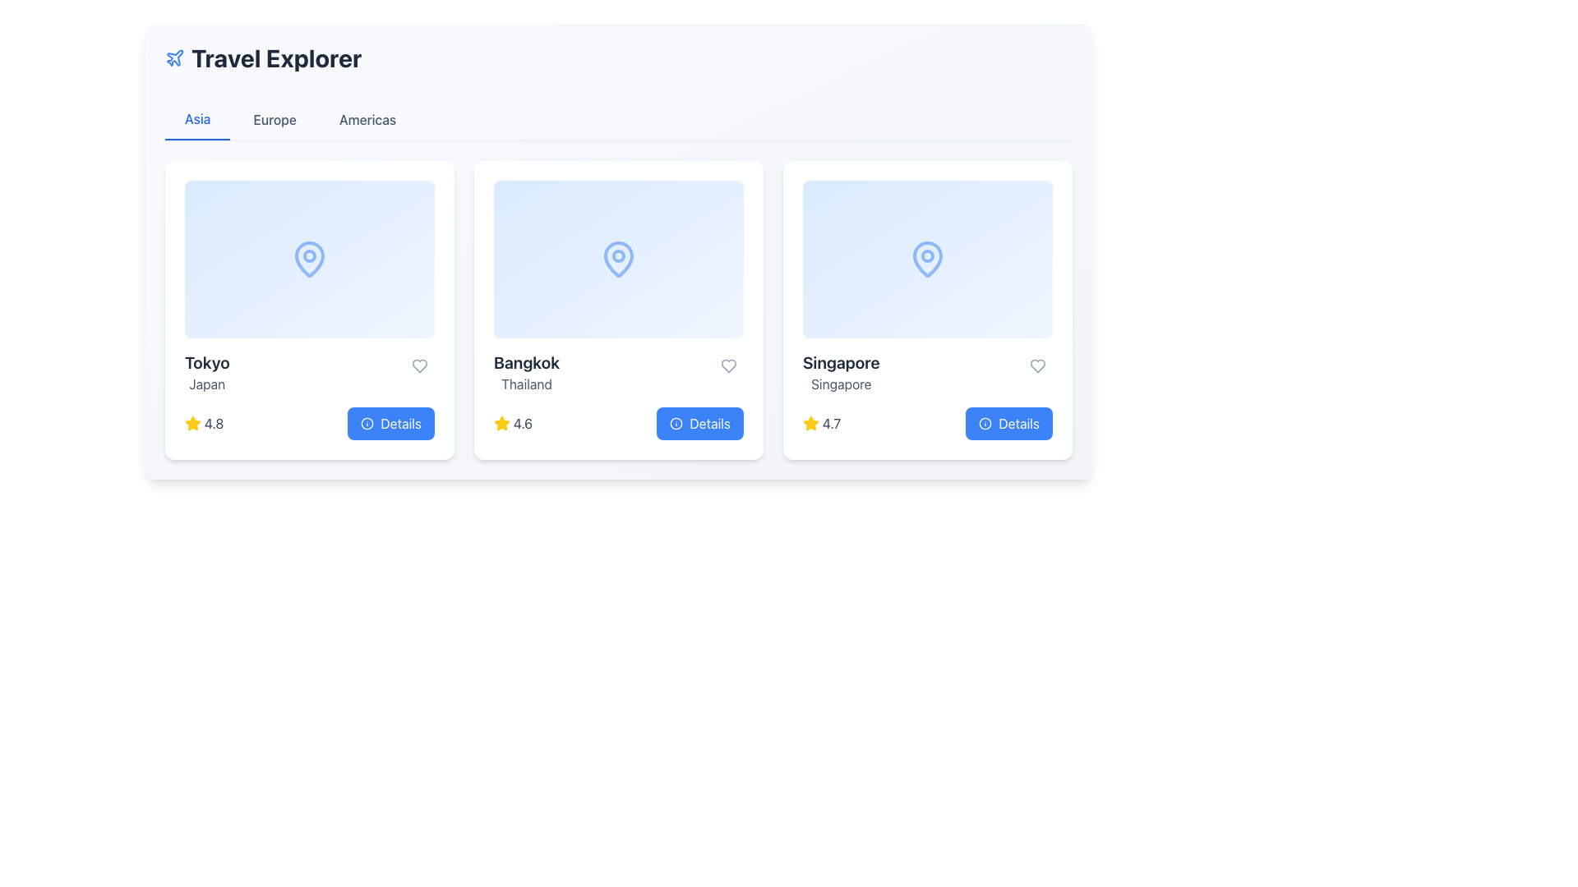 This screenshot has width=1578, height=887. Describe the element at coordinates (700, 423) in the screenshot. I see `the button located on the right-hand side below the star rating and text description for the 'Bangkok' entry` at that location.